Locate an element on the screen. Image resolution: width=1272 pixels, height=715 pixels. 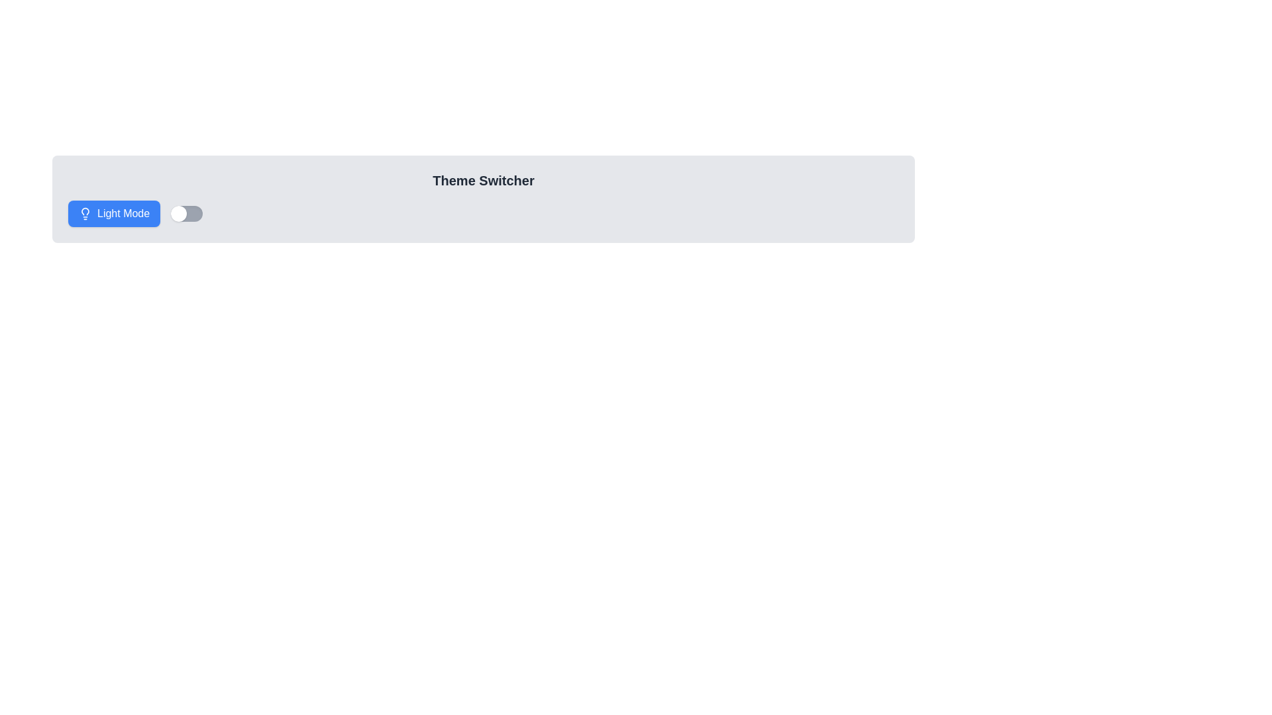
the lightbulb icon within the blue button labeled 'Light Mode' is located at coordinates (85, 213).